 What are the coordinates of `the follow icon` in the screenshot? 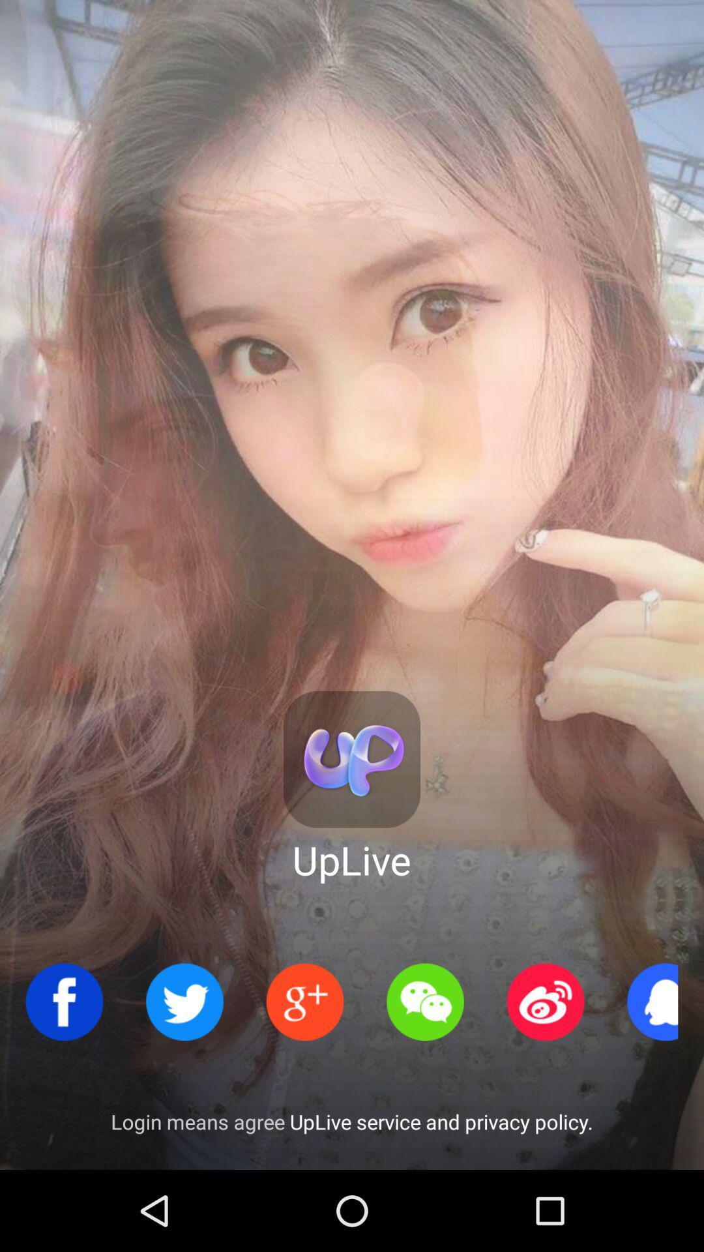 It's located at (304, 1001).